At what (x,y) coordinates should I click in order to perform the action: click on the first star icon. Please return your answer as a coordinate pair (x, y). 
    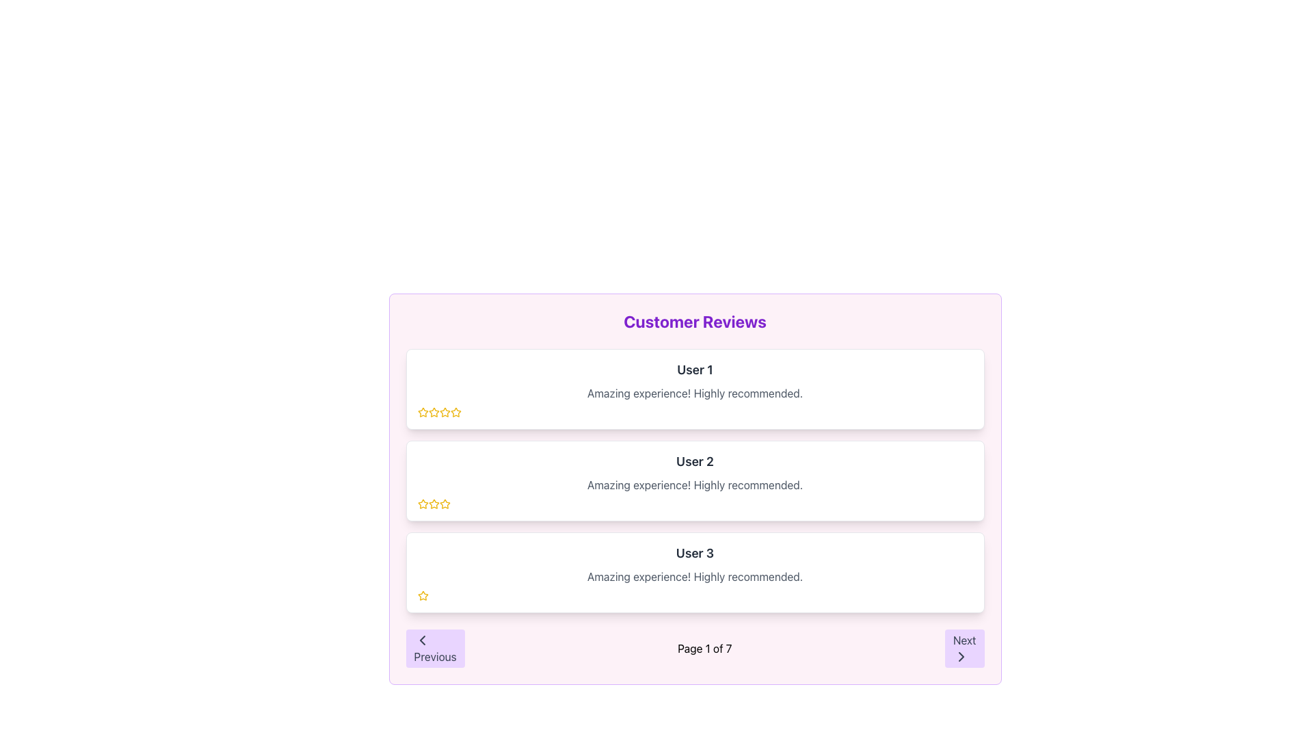
    Looking at the image, I should click on (433, 411).